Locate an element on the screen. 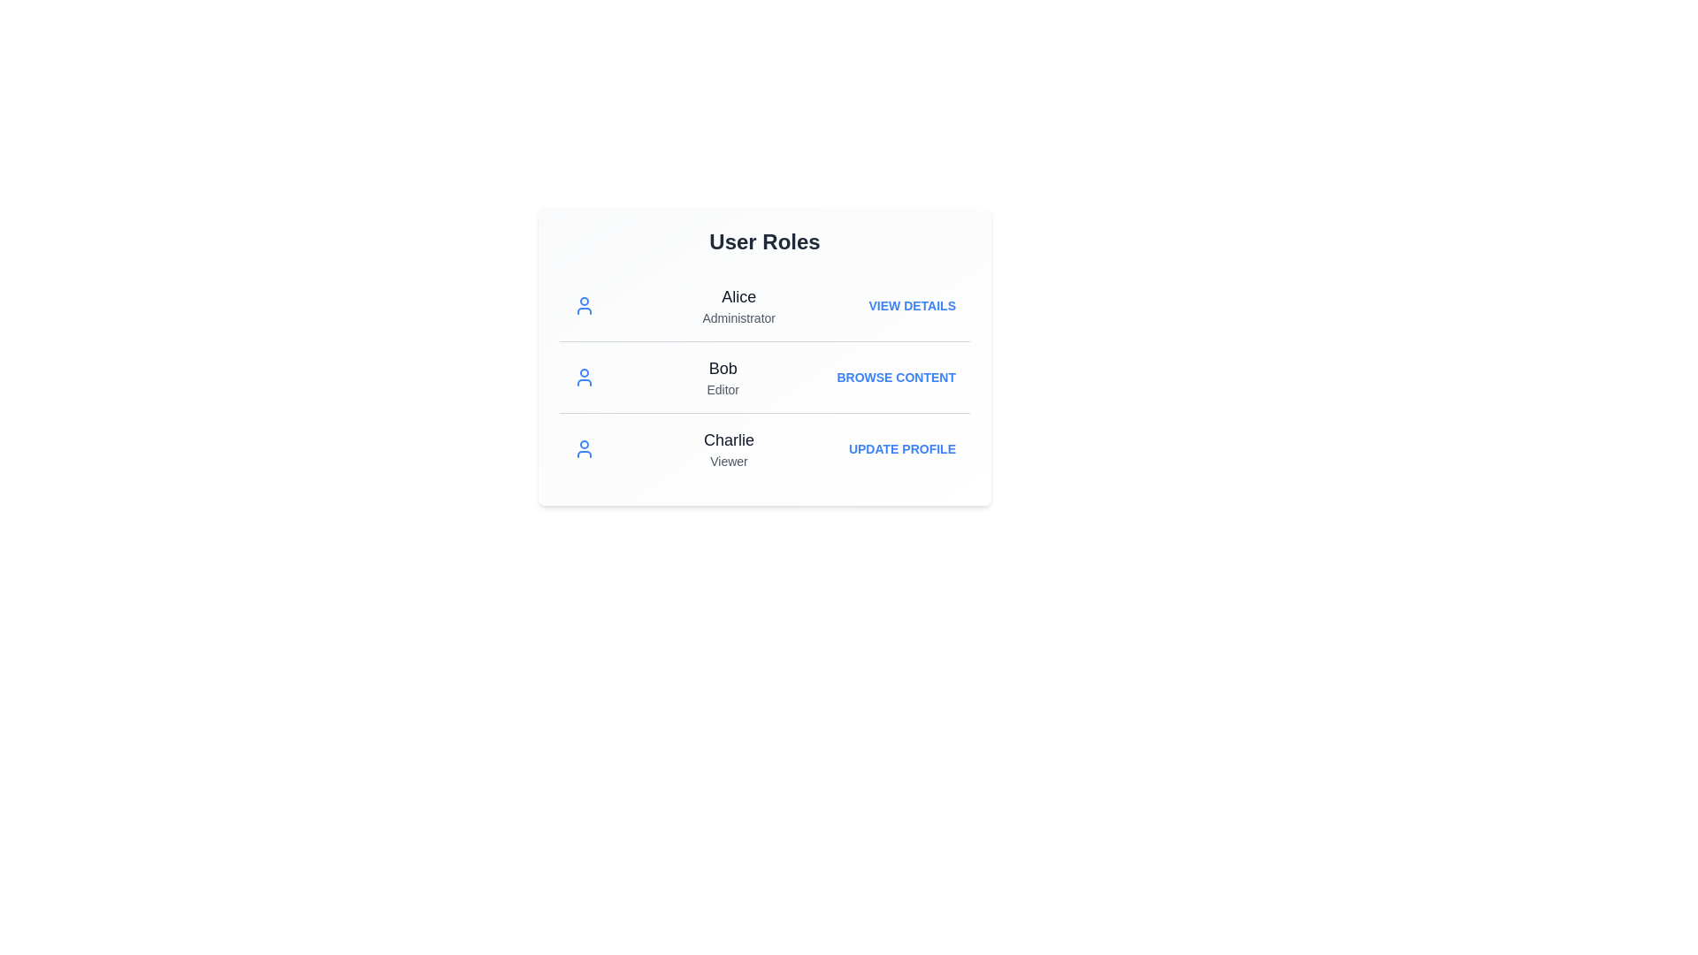 The image size is (1698, 955). the text label displaying 'Editor' in gray font, which is located below the name 'Bob' in the user roles list is located at coordinates (723, 388).